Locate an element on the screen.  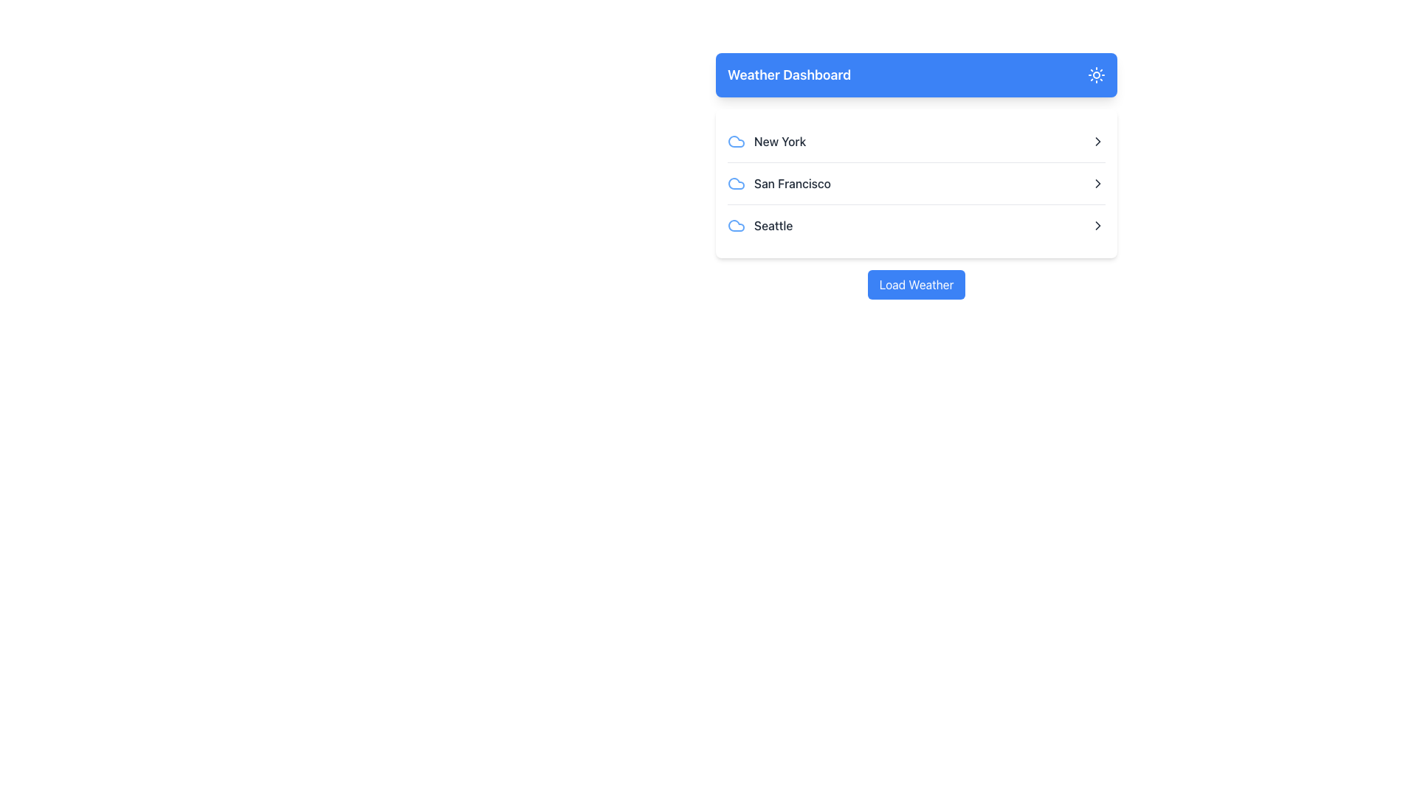
the chevron icon on the far right of the 'New York' list item is located at coordinates (1098, 142).